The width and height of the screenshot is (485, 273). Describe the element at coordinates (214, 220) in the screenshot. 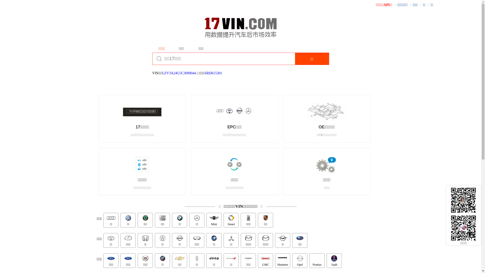

I see `'Mini'` at that location.